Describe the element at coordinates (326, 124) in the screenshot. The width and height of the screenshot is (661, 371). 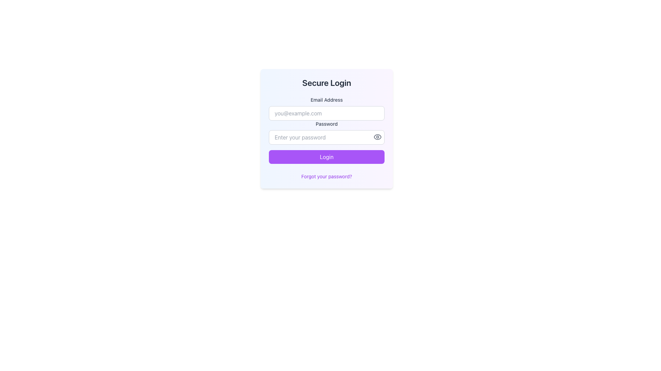
I see `the 'Password' label displayed in a small, grayish font style, which is positioned above the password input field in the login form interface` at that location.